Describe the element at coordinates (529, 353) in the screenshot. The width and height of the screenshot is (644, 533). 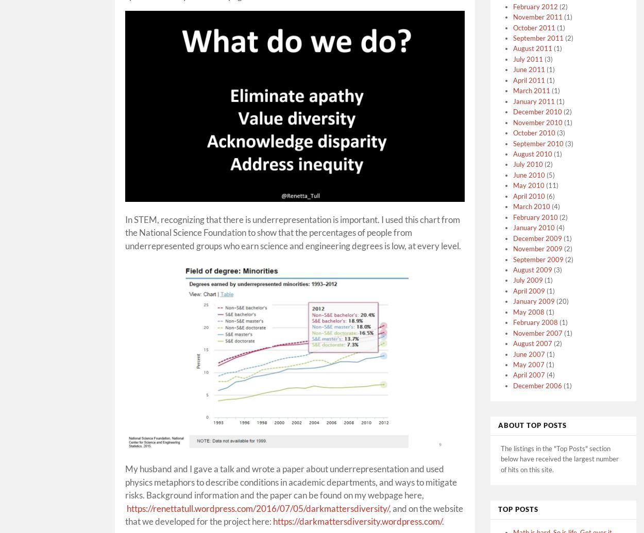
I see `'June 2007'` at that location.